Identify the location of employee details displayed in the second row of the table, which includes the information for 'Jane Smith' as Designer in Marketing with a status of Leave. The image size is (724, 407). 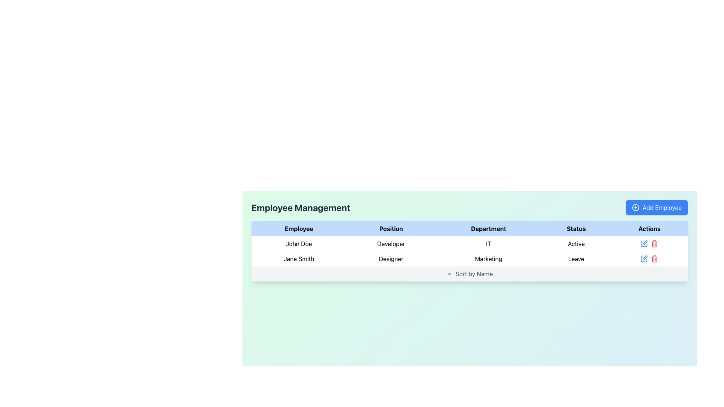
(469, 251).